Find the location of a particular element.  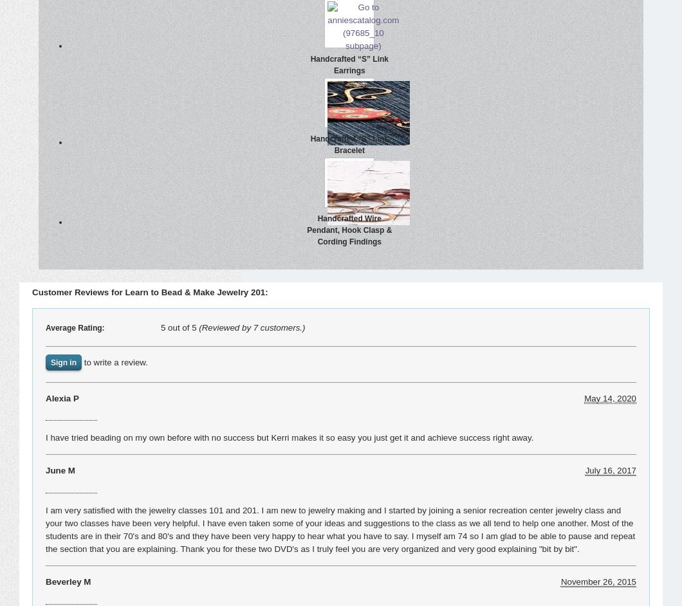

'May 14, 2020' is located at coordinates (609, 397).